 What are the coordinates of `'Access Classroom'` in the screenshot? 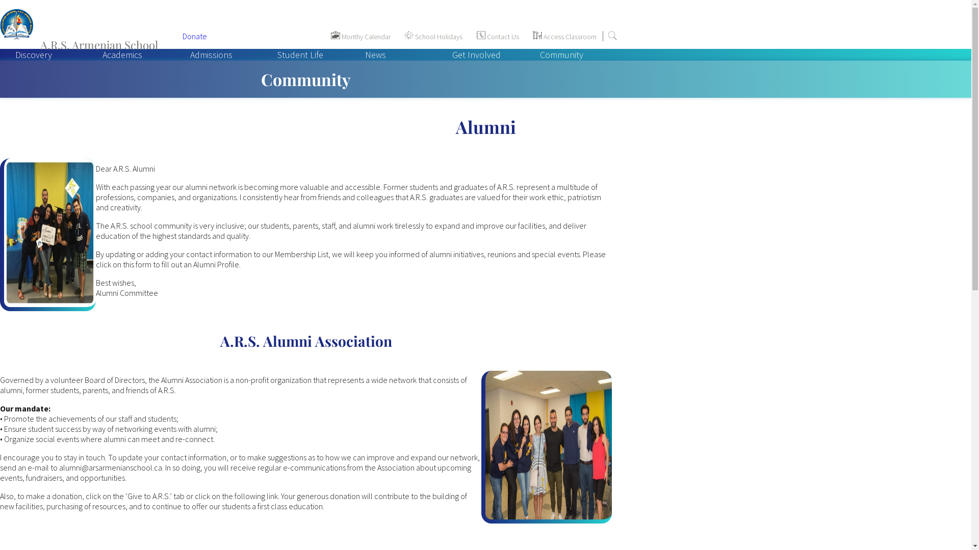 It's located at (526, 36).